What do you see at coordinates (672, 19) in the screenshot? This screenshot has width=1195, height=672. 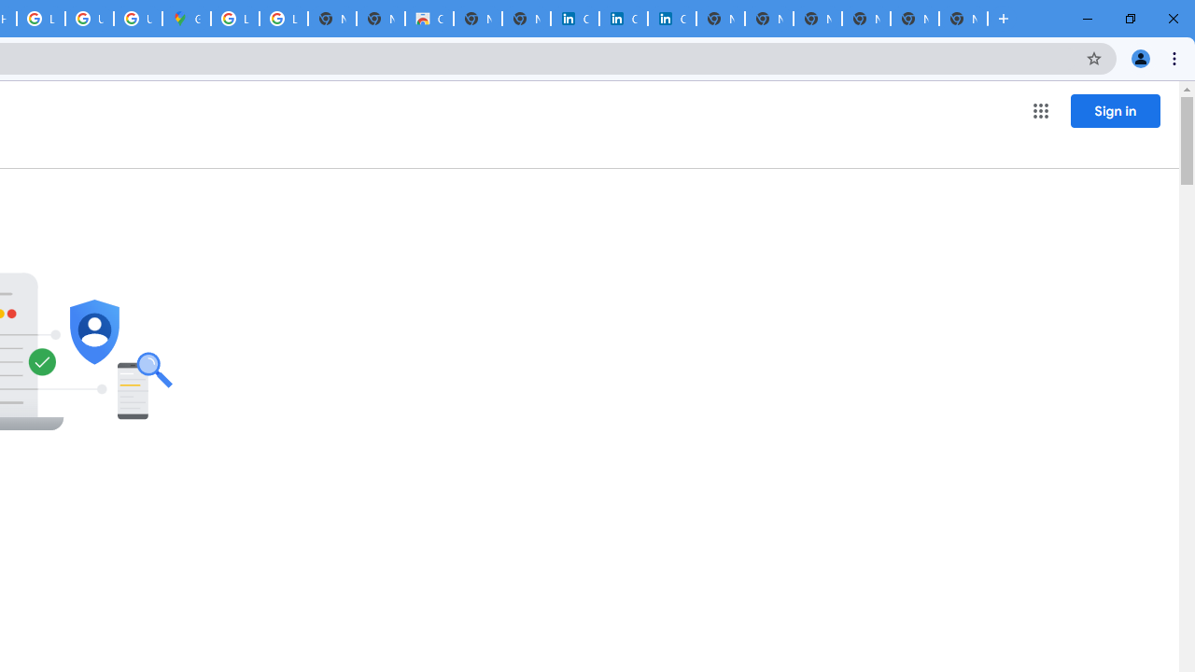 I see `'Copyright Policy'` at bounding box center [672, 19].